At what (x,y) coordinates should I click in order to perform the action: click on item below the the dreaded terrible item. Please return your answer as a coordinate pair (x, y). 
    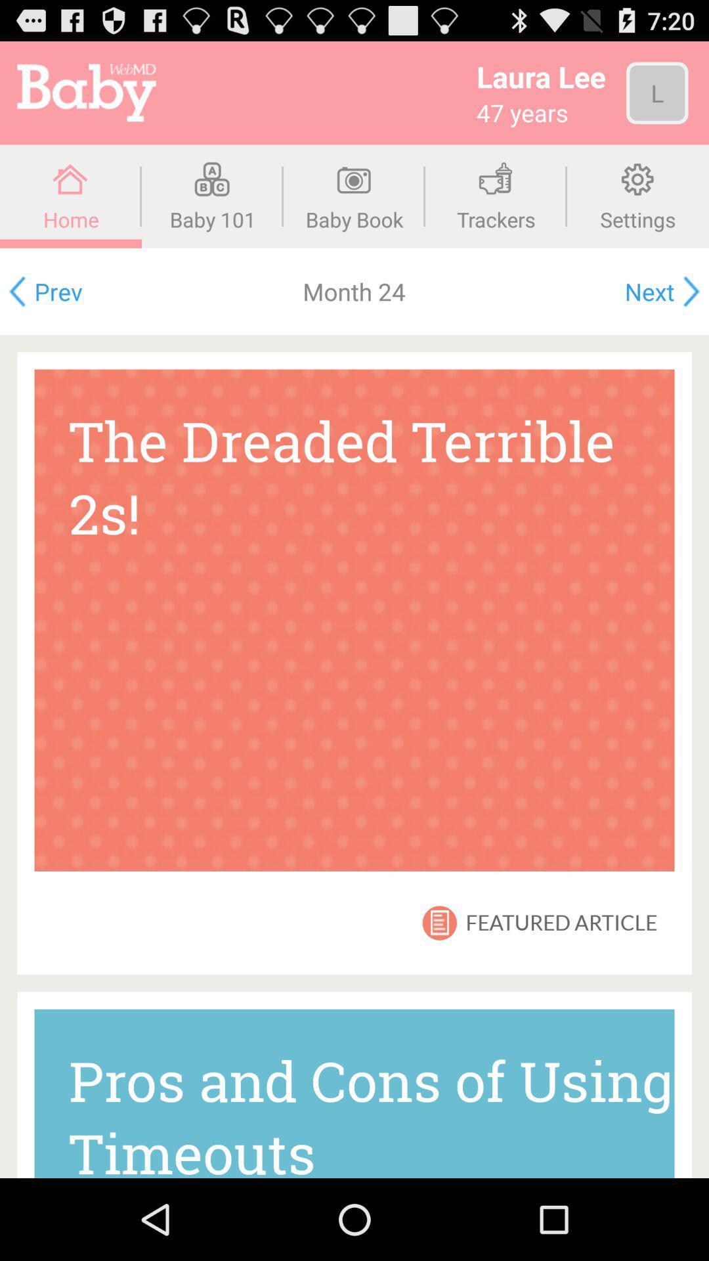
    Looking at the image, I should click on (439, 922).